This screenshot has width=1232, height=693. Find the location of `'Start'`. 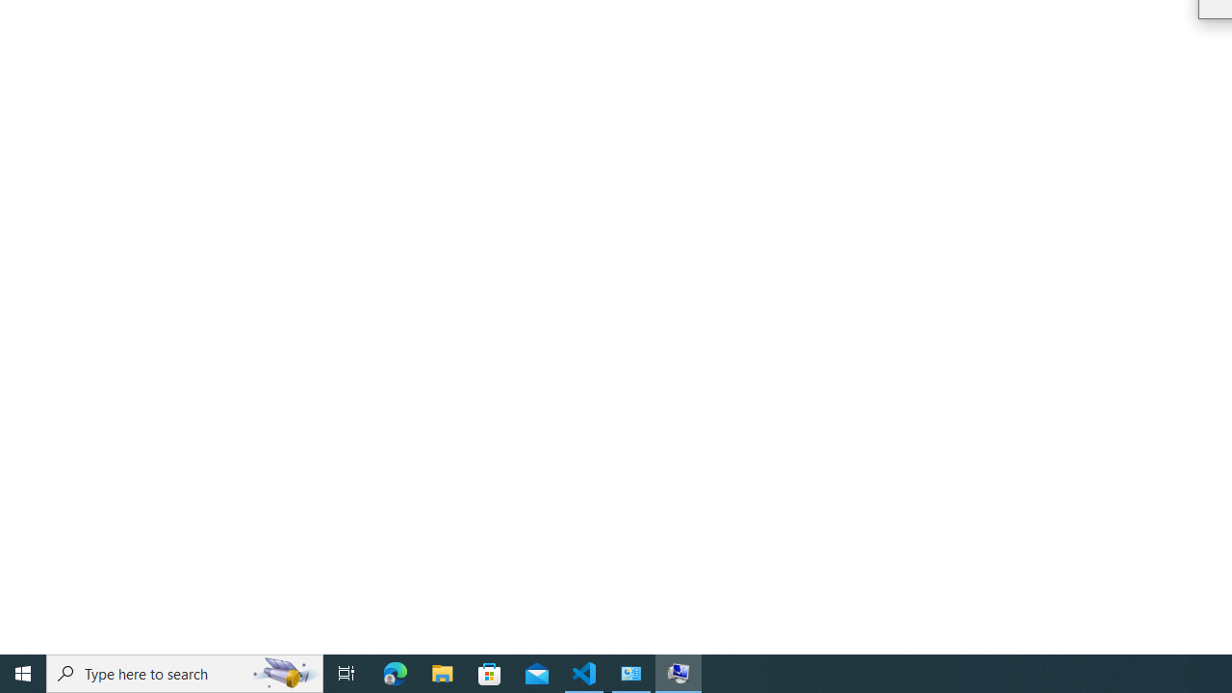

'Start' is located at coordinates (23, 672).